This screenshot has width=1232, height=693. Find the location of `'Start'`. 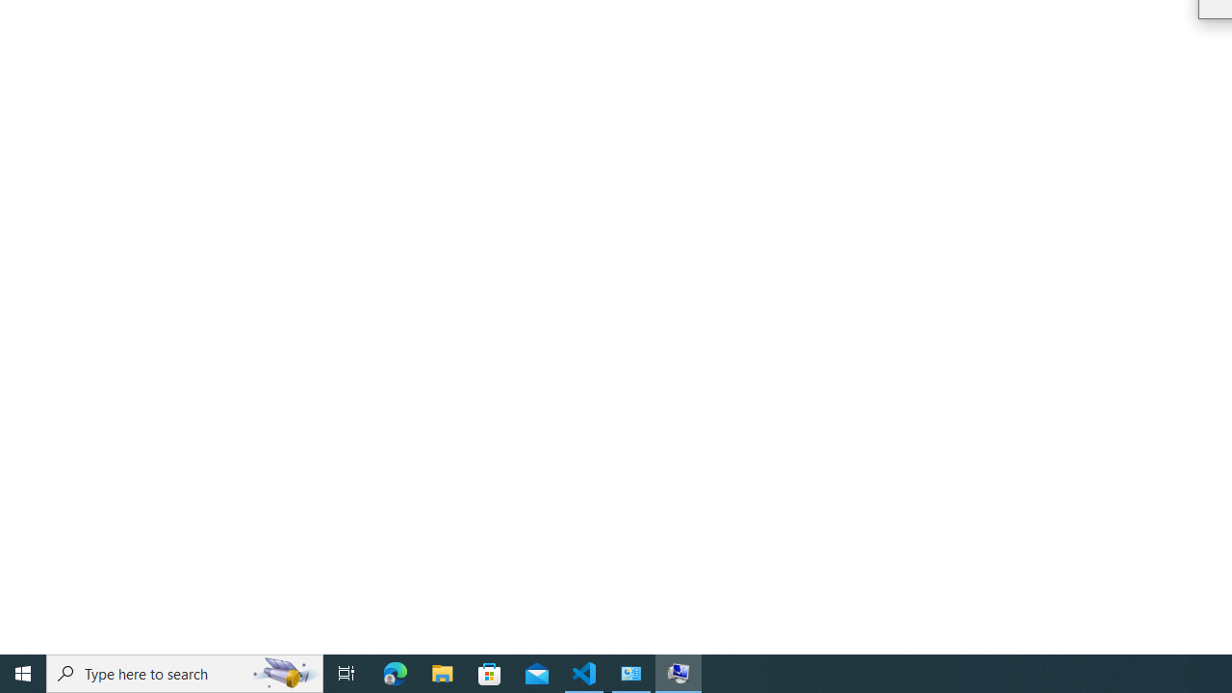

'Start' is located at coordinates (23, 672).